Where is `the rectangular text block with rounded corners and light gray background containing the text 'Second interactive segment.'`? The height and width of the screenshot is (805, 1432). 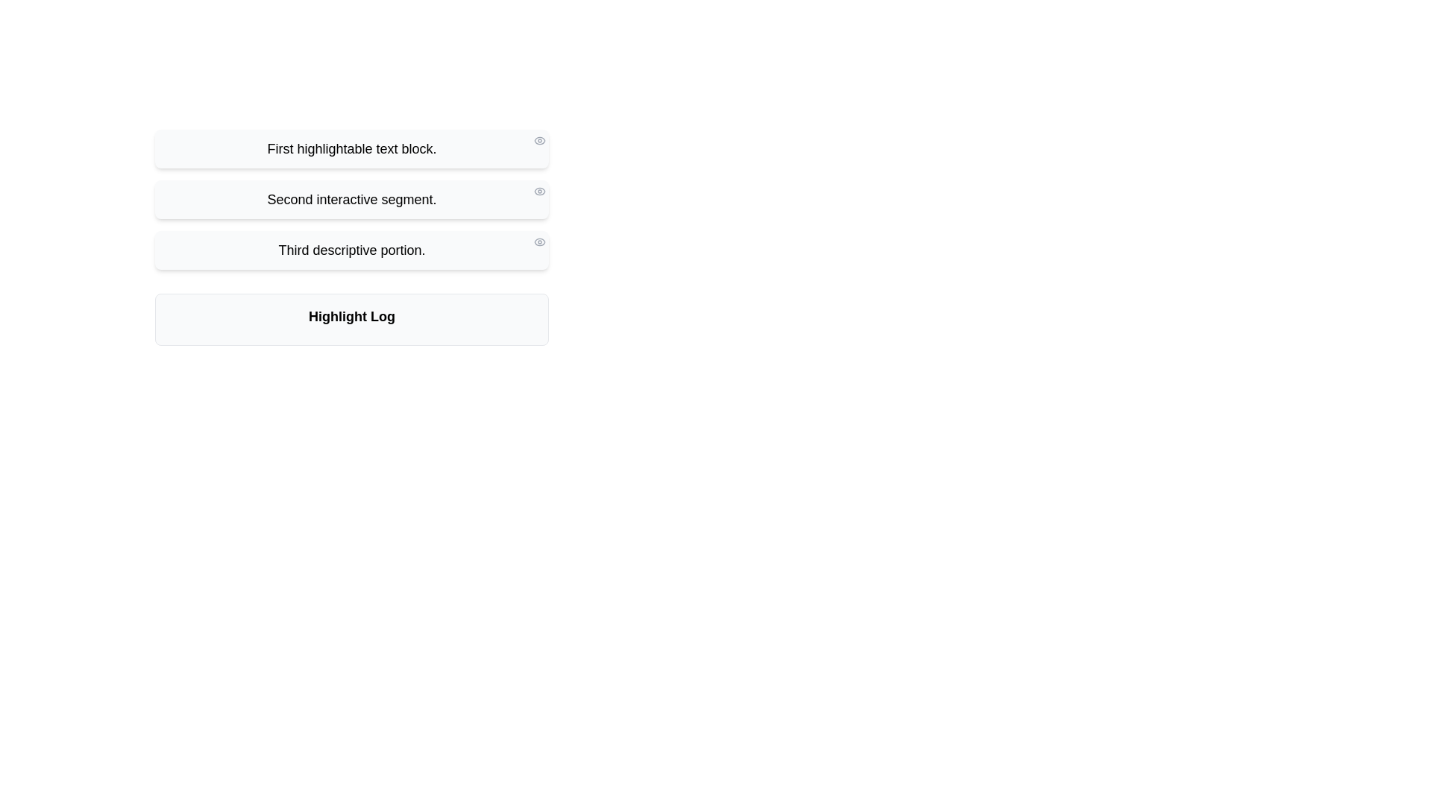
the rectangular text block with rounded corners and light gray background containing the text 'Second interactive segment.' is located at coordinates (351, 198).